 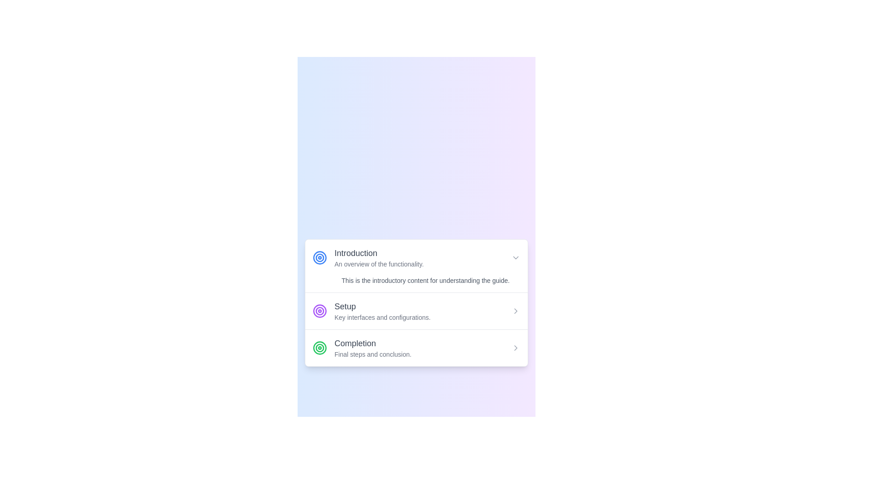 What do you see at coordinates (416, 258) in the screenshot?
I see `the 'Introduction' button located at the topmost slot of the vertically stacked list, which features a circular blue icon on the left, bold text 'Introduction', and a gray downward chevron icon on the right` at bounding box center [416, 258].